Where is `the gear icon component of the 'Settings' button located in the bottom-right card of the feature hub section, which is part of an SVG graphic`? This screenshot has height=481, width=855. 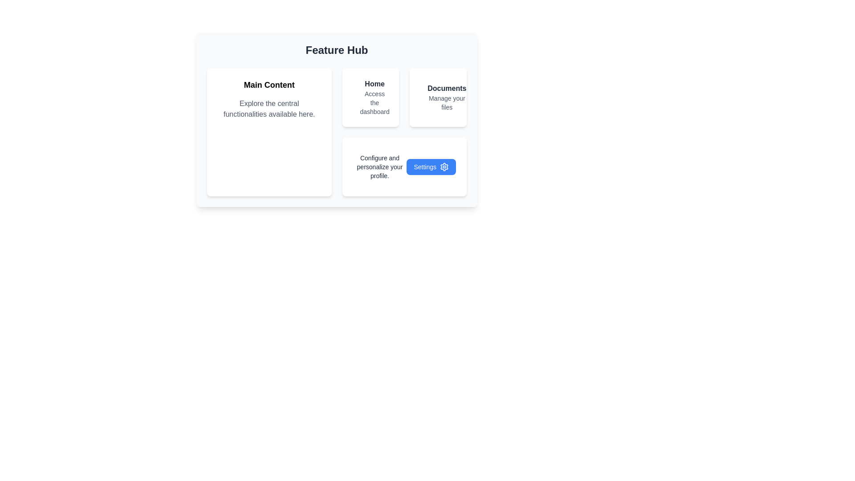 the gear icon component of the 'Settings' button located in the bottom-right card of the feature hub section, which is part of an SVG graphic is located at coordinates (444, 167).